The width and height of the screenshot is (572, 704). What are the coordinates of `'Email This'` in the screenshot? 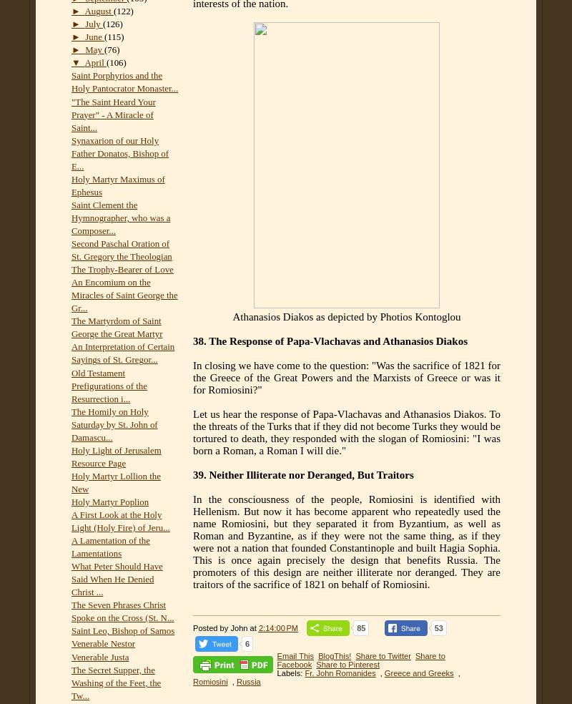 It's located at (295, 655).